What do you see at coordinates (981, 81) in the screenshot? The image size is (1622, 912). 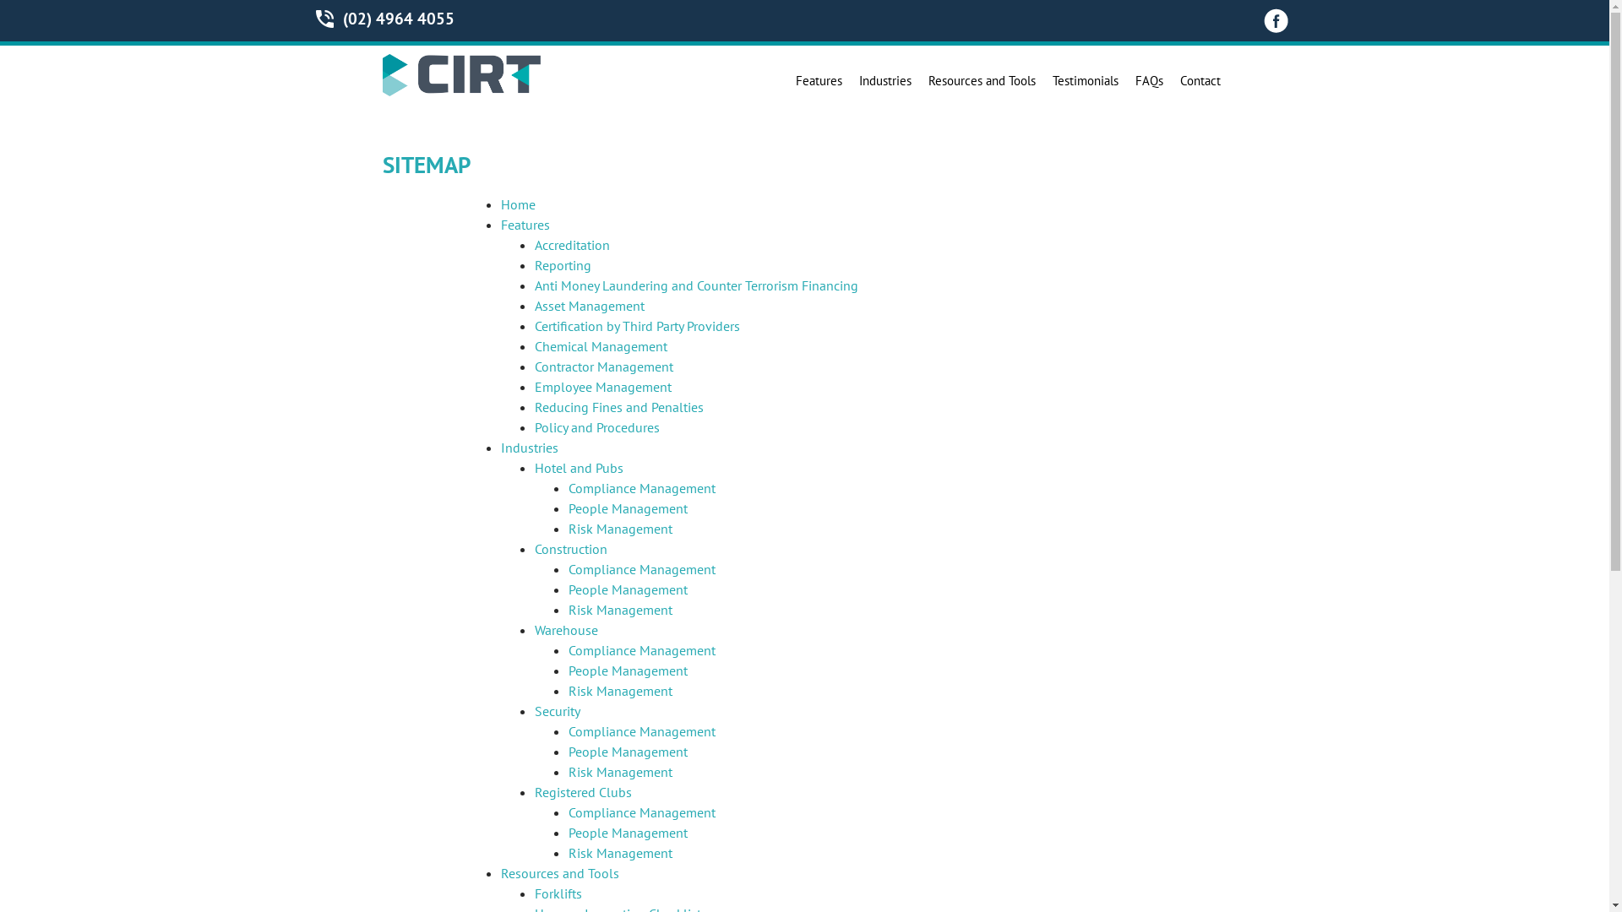 I see `'Resources and Tools'` at bounding box center [981, 81].